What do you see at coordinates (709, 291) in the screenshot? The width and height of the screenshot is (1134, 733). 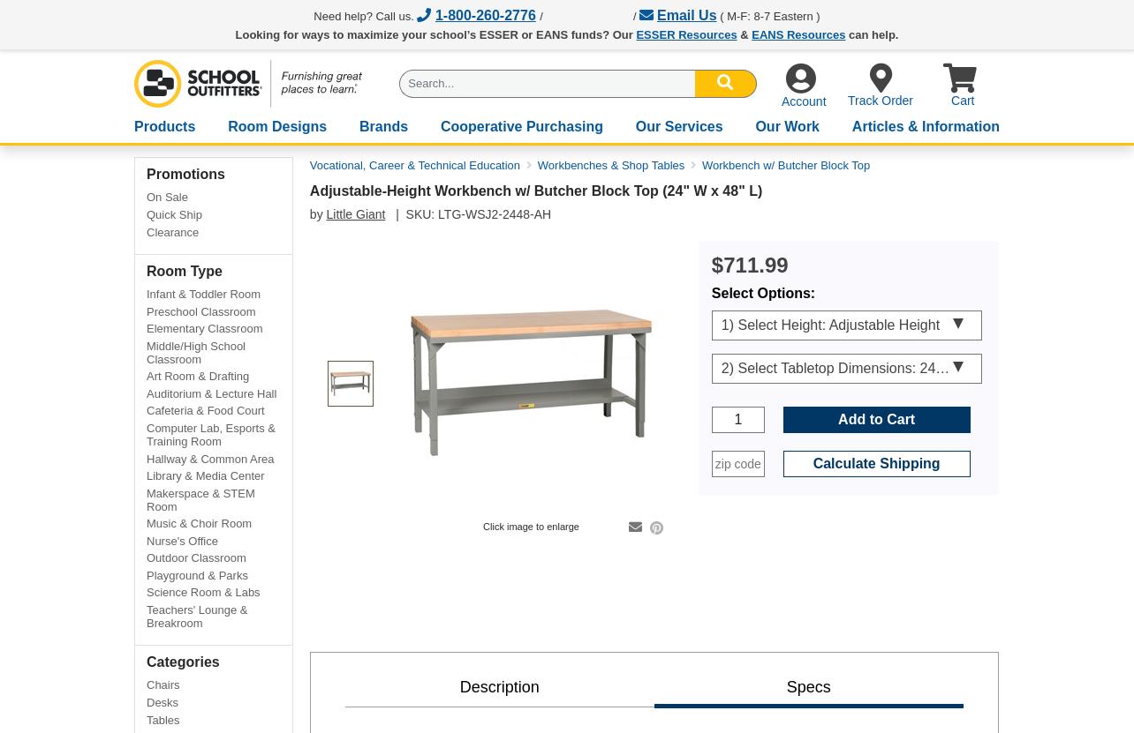 I see `'Select Options:'` at bounding box center [709, 291].